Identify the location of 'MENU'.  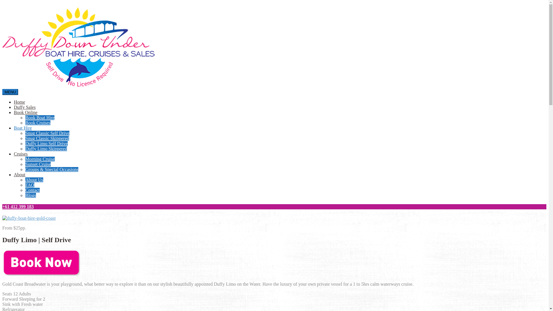
(10, 92).